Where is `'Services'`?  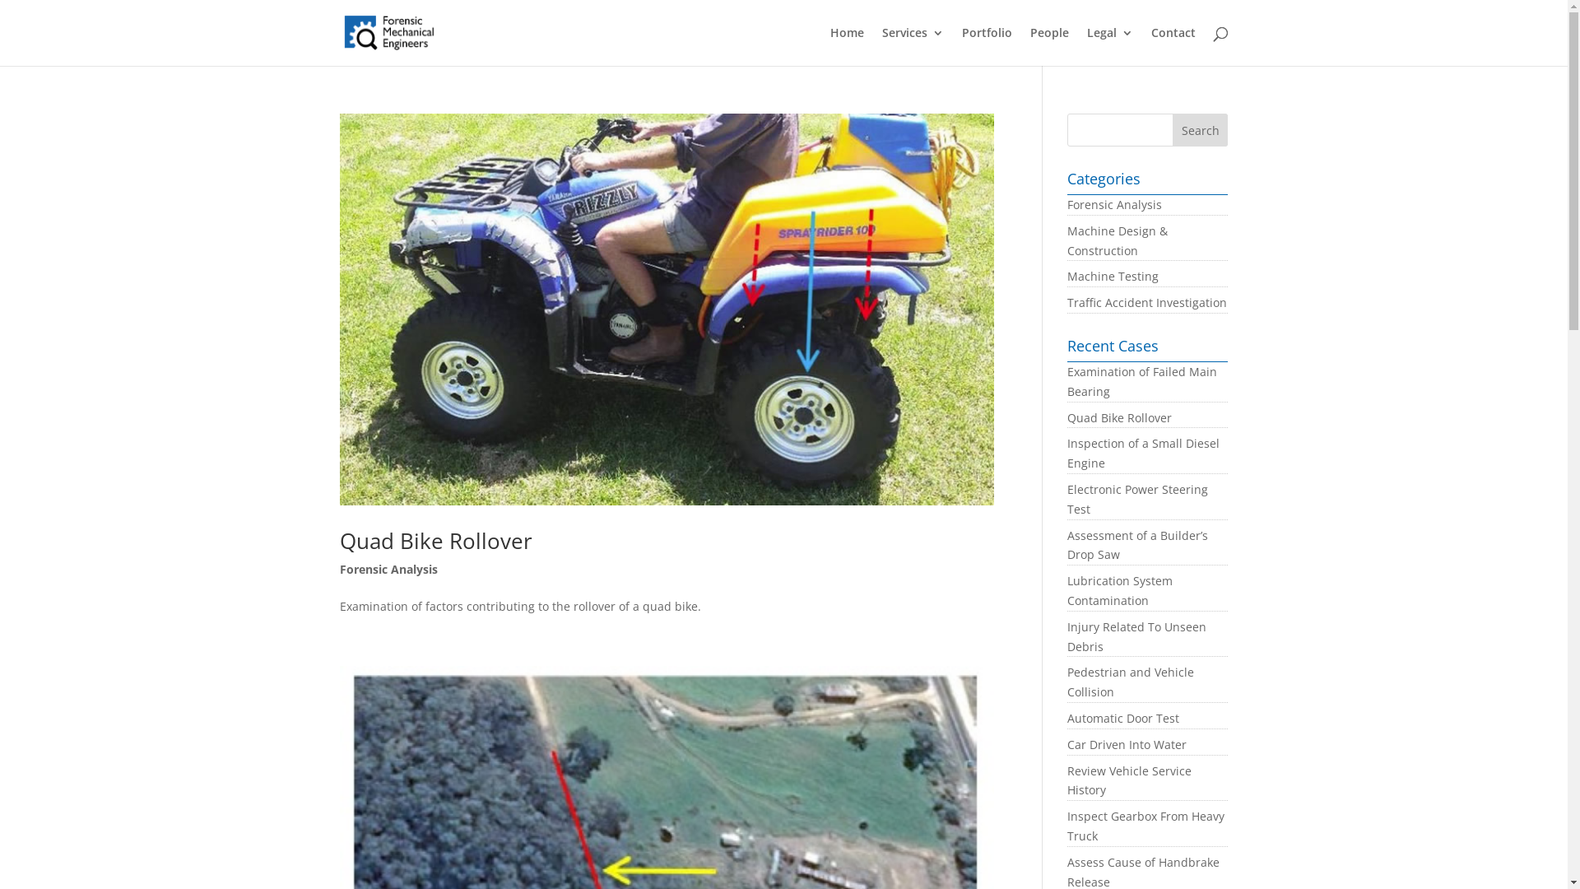 'Services' is located at coordinates (912, 45).